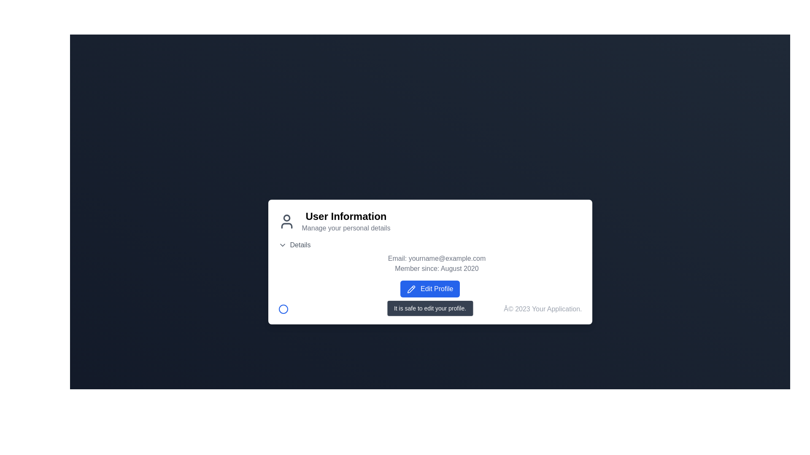 This screenshot has width=810, height=455. Describe the element at coordinates (346, 221) in the screenshot. I see `the title and description text block that introduces the user profile section, located in the top-left corner of the card interface, right of the user profile icon` at that location.